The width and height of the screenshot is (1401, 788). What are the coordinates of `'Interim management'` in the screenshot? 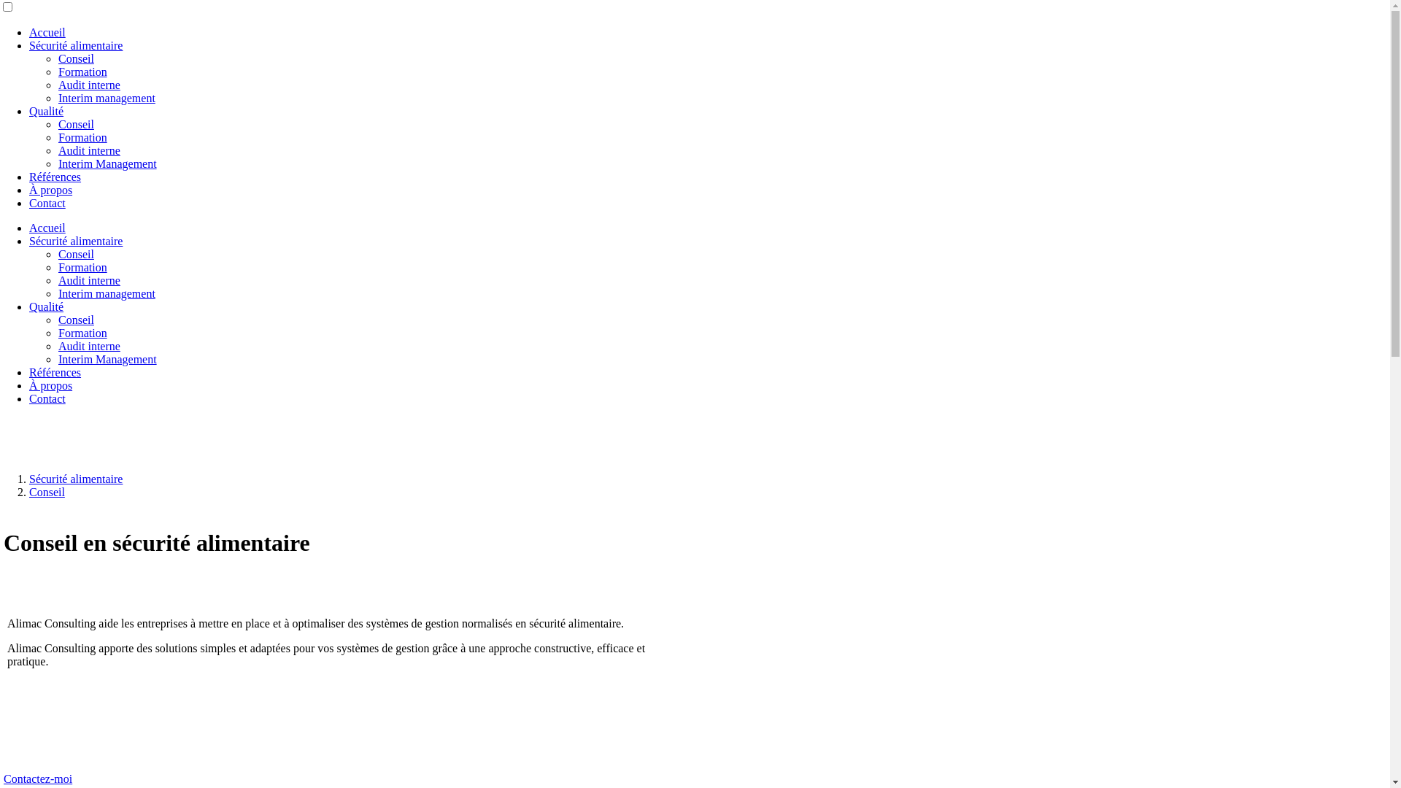 It's located at (106, 98).